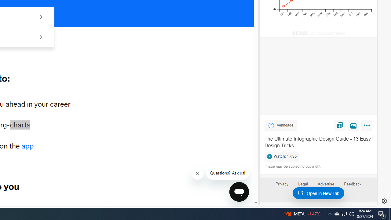 The height and width of the screenshot is (220, 391). I want to click on 'Venngage', so click(271, 125).